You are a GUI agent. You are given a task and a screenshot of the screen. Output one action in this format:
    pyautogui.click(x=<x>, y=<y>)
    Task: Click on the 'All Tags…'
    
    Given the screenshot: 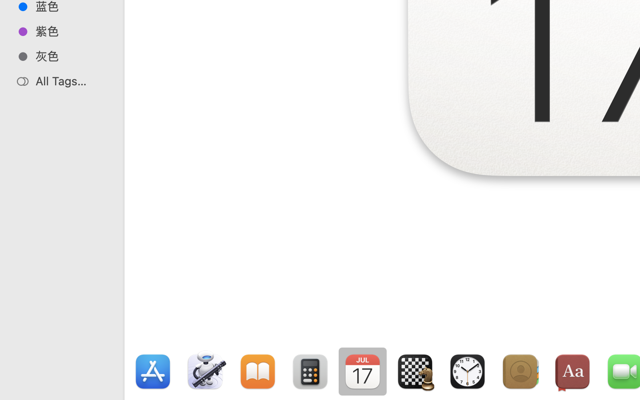 What is the action you would take?
    pyautogui.click(x=71, y=80)
    